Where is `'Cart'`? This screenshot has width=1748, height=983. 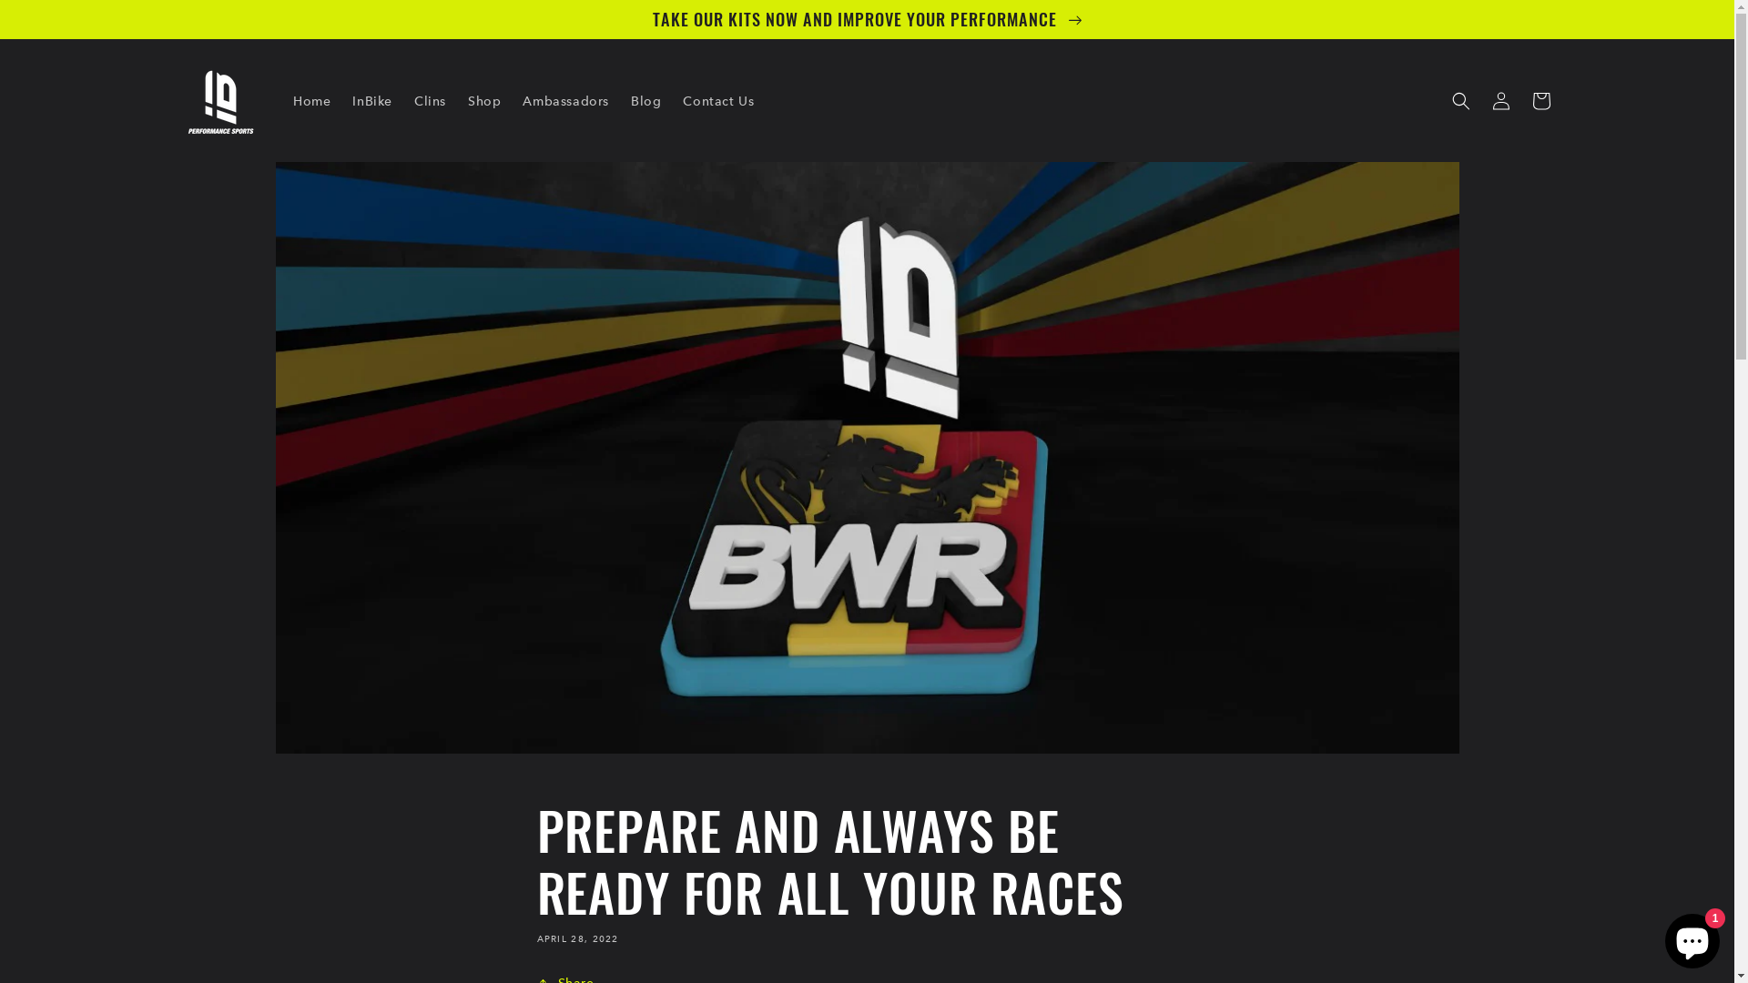 'Cart' is located at coordinates (1539, 101).